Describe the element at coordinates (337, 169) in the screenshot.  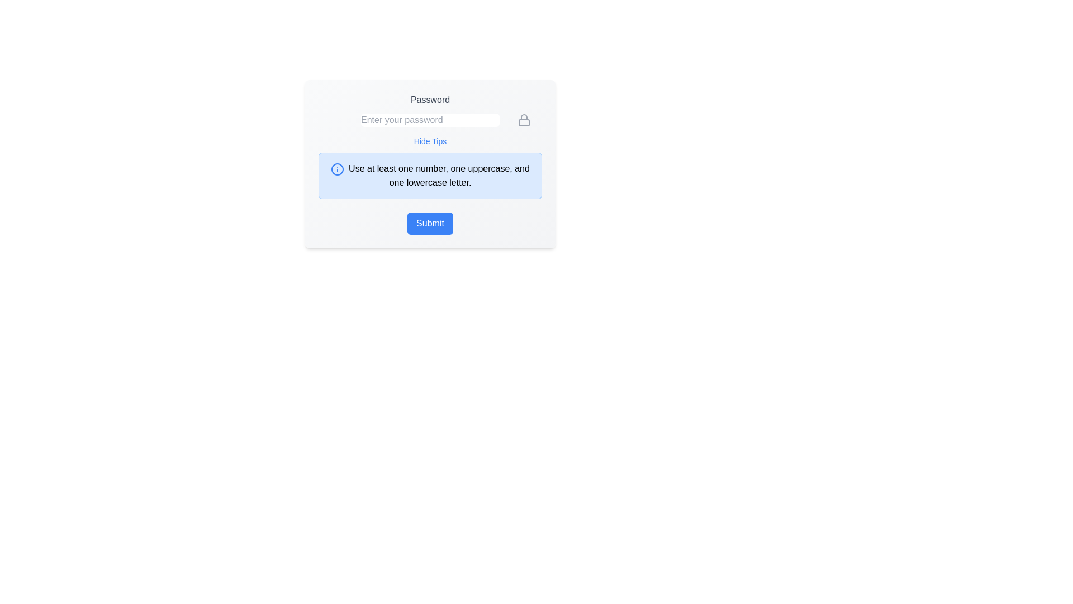
I see `the circular icon with a blue outline located to the left of the tooltip message displaying password requirements` at that location.